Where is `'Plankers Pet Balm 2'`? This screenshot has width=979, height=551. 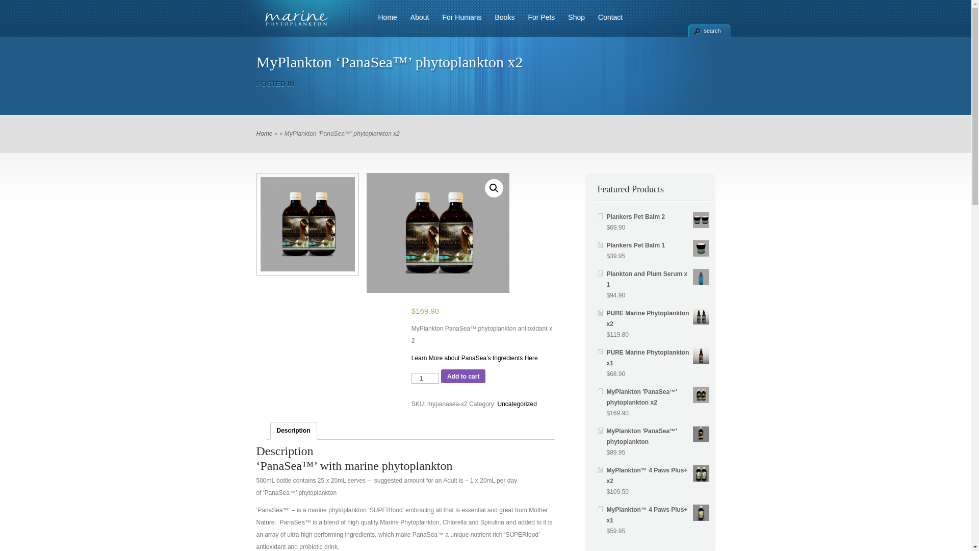 'Plankers Pet Balm 2' is located at coordinates (607, 216).